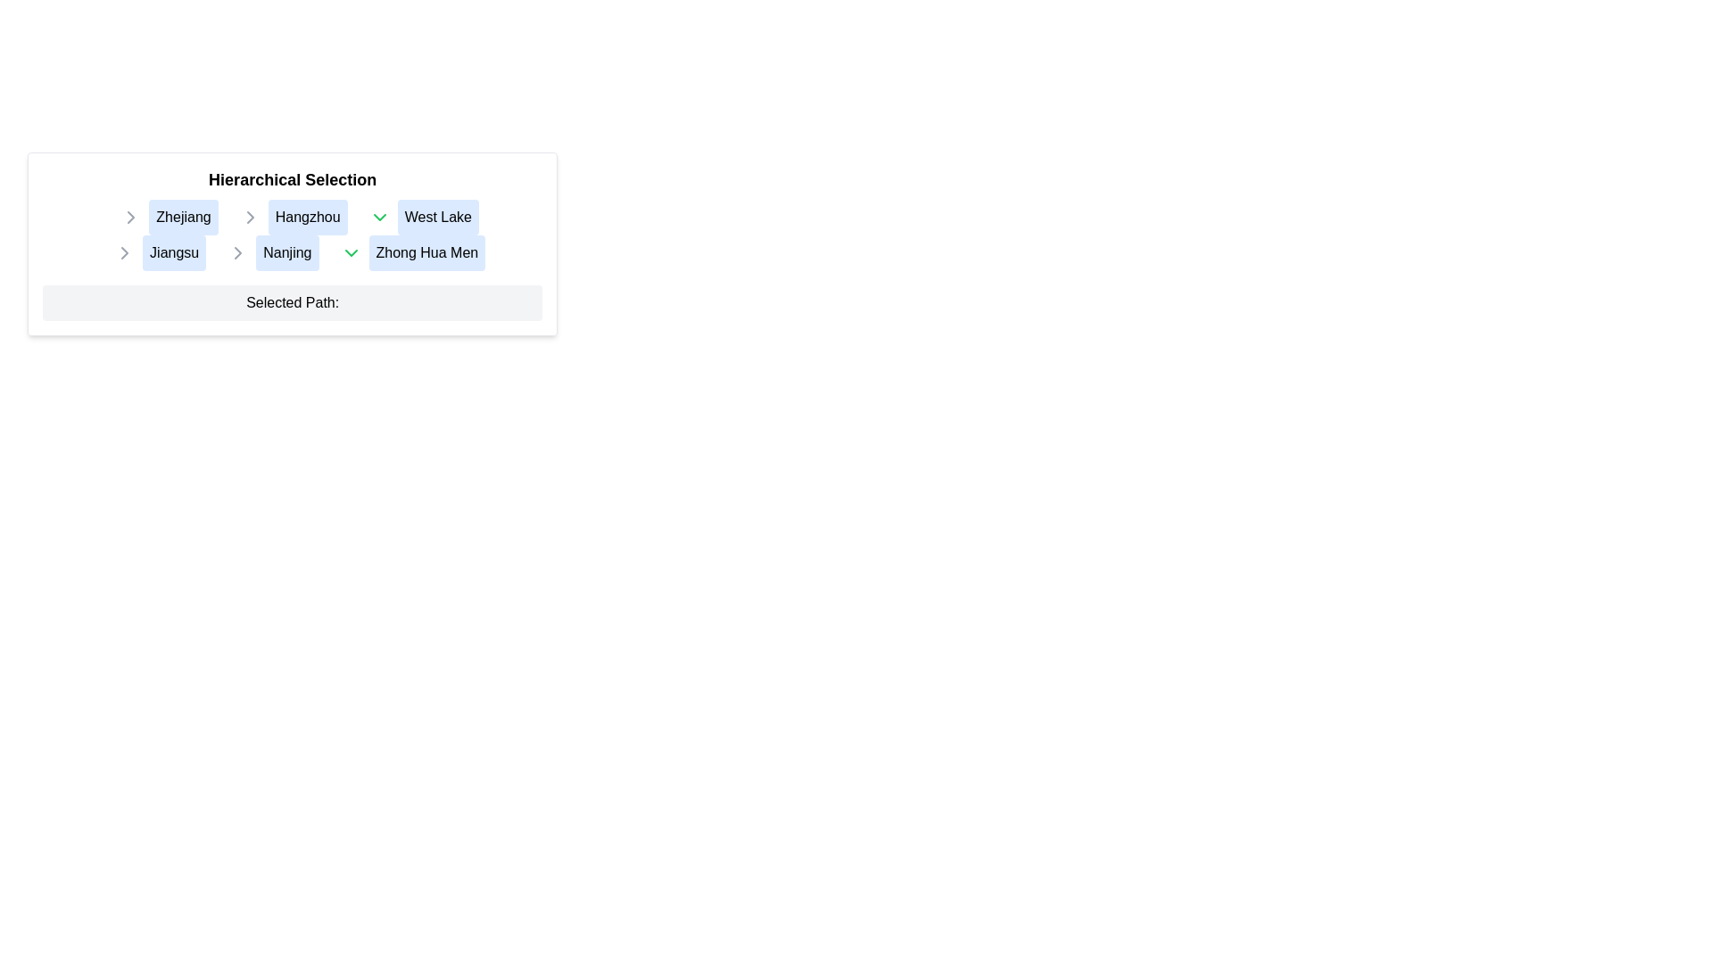  What do you see at coordinates (351, 253) in the screenshot?
I see `the green downward-pointing chevron icon next to the text 'Zhong Hua Men'` at bounding box center [351, 253].